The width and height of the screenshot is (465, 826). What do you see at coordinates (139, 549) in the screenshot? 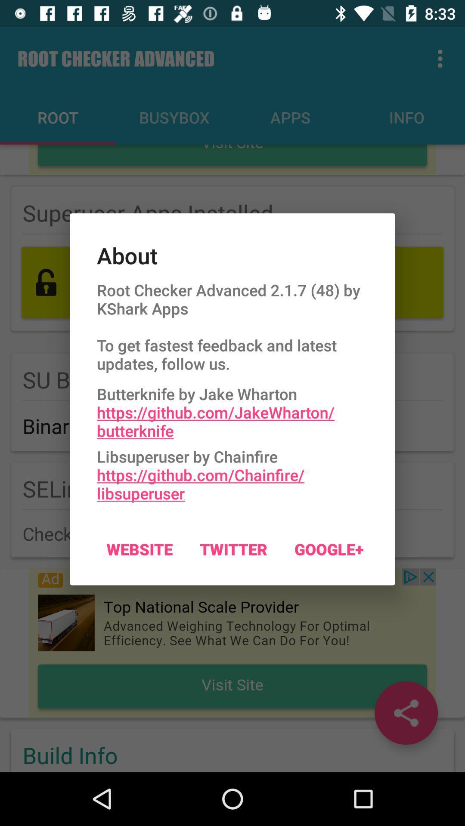
I see `the item to the left of twitter icon` at bounding box center [139, 549].